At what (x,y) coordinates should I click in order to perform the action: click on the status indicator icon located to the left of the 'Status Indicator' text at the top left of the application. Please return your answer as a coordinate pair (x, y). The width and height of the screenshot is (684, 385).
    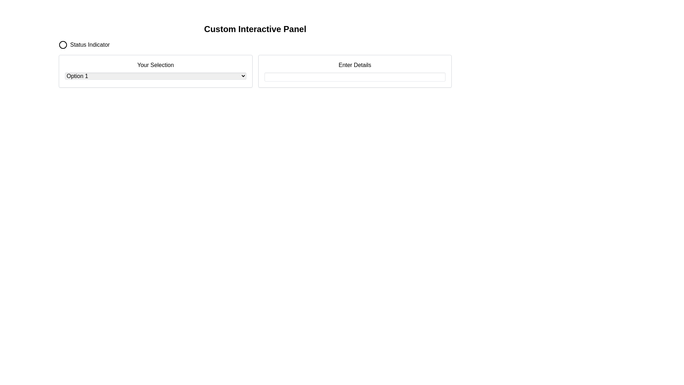
    Looking at the image, I should click on (63, 45).